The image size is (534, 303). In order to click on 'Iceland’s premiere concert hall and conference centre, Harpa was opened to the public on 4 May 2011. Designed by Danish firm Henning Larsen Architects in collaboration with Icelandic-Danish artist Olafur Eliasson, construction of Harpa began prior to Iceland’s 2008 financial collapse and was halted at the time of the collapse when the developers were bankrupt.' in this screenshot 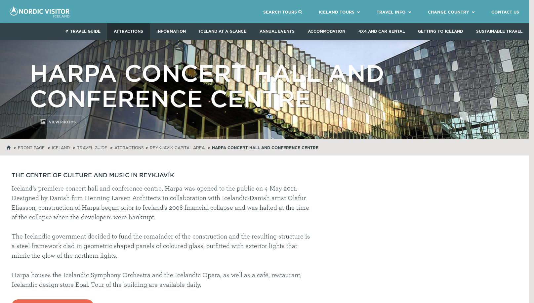, I will do `click(160, 202)`.